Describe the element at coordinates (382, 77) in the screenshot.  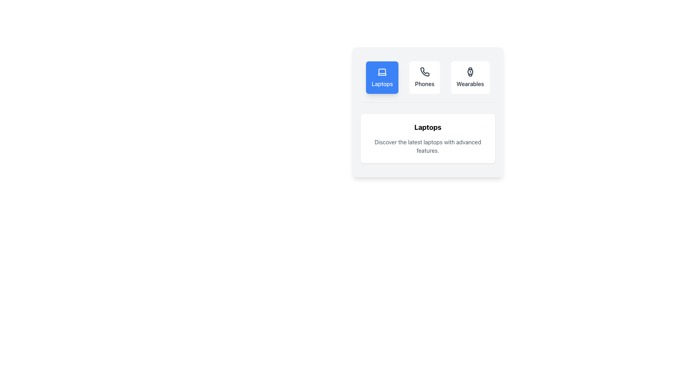
I see `the 'Laptops' category button, which is the first item in a group of three navigation options located near the top-left corner of the bounding box` at that location.